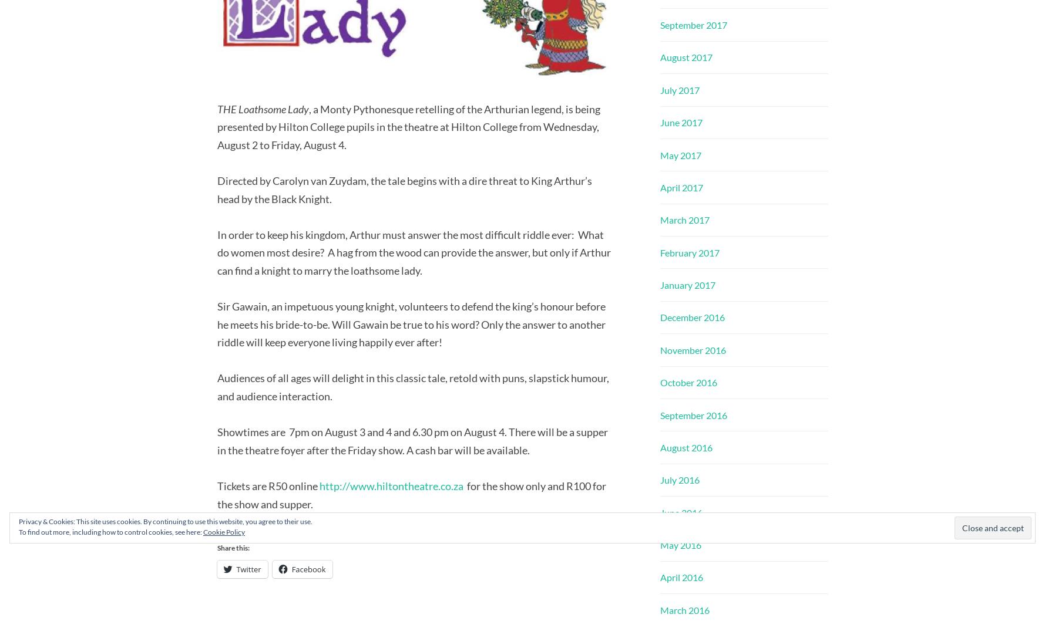 This screenshot has height=621, width=1045. Describe the element at coordinates (263, 109) in the screenshot. I see `'THE Loathsome Lady'` at that location.